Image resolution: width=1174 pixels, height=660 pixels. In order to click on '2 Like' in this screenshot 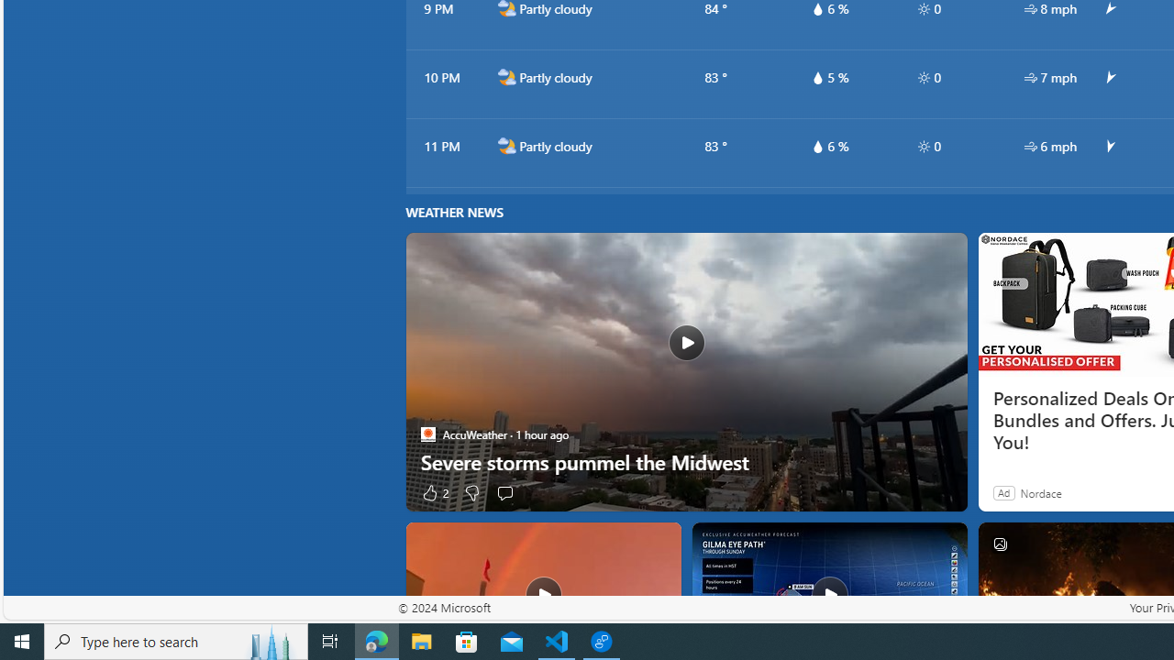, I will do `click(433, 491)`.